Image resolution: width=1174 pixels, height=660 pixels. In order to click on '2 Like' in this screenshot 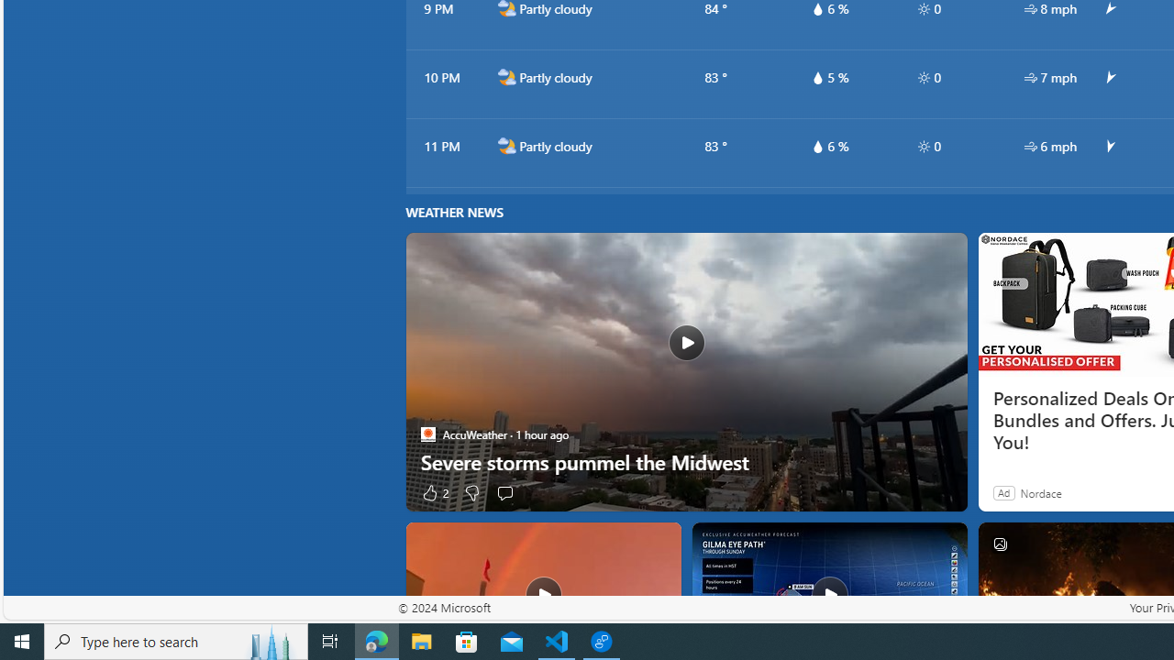, I will do `click(433, 491)`.